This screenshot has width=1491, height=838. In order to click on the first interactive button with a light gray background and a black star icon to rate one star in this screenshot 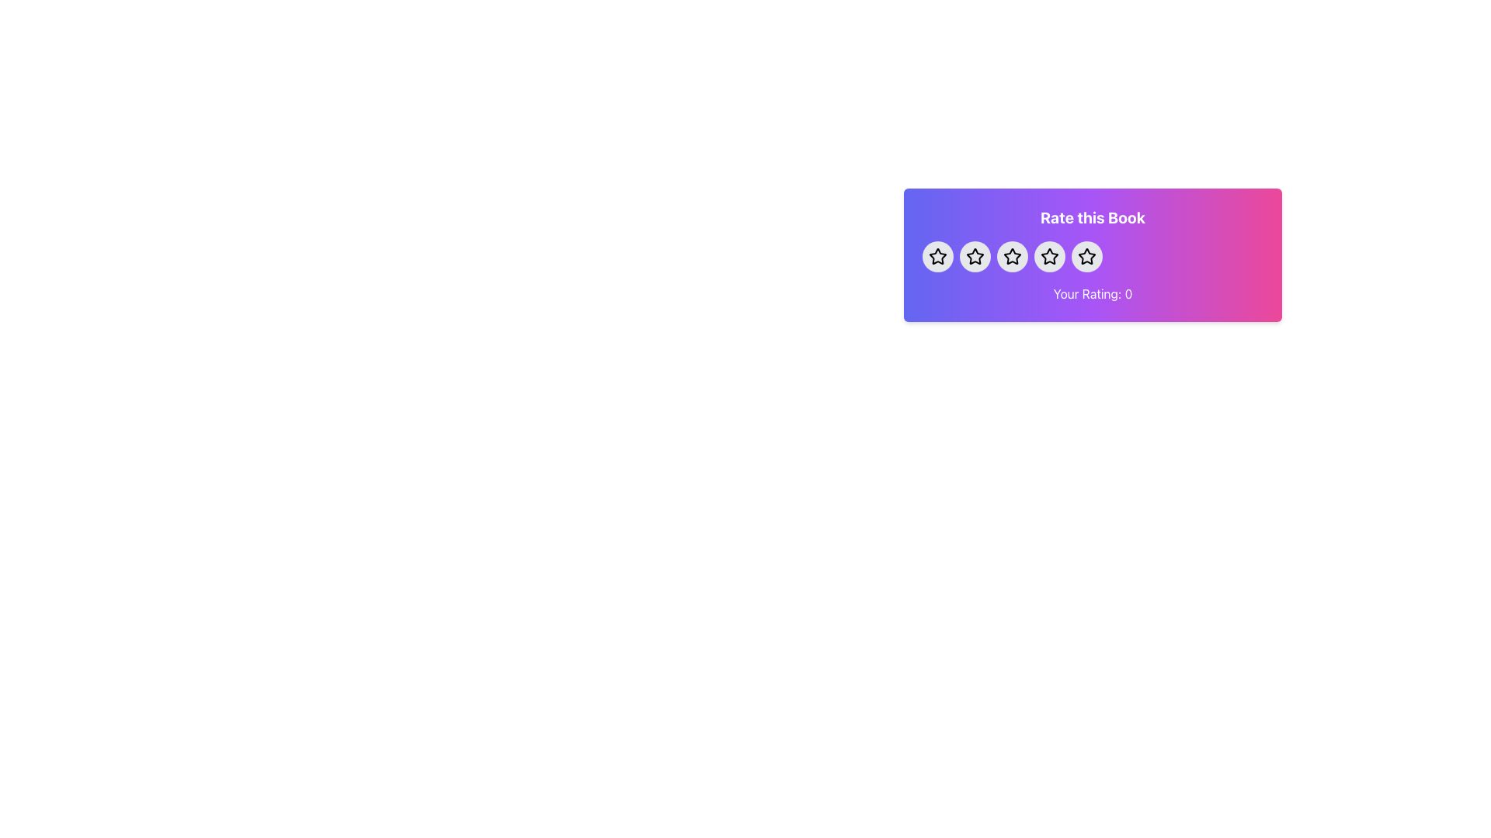, I will do `click(937, 256)`.